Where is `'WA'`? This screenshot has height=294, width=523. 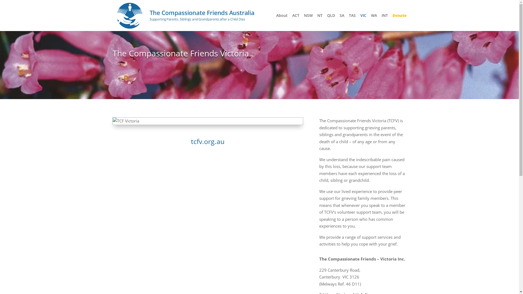 'WA' is located at coordinates (371, 22).